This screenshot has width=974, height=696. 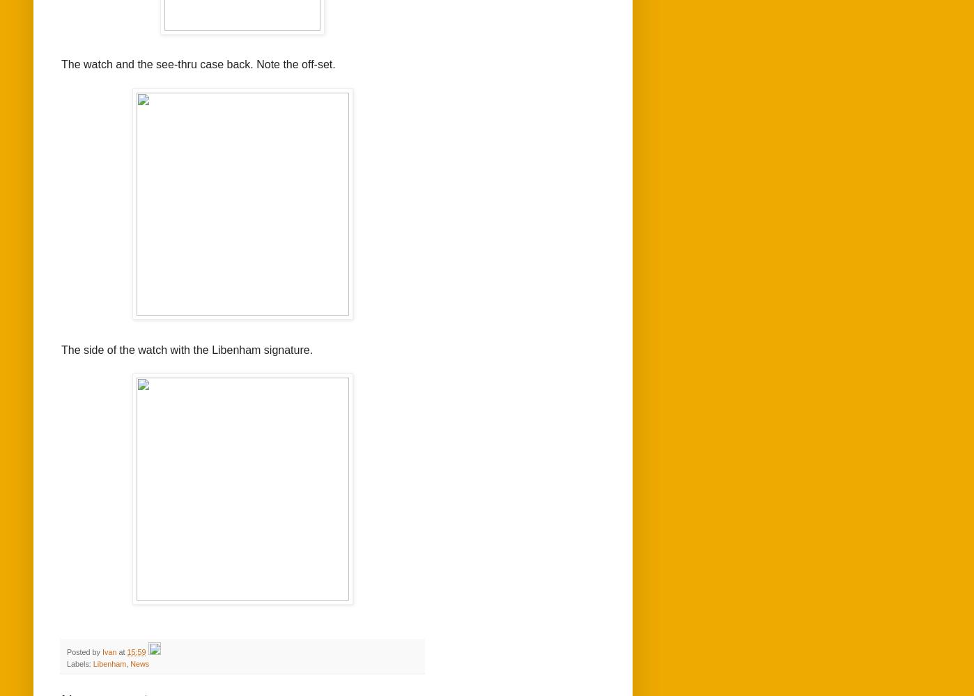 What do you see at coordinates (259, 348) in the screenshot?
I see `'signature.'` at bounding box center [259, 348].